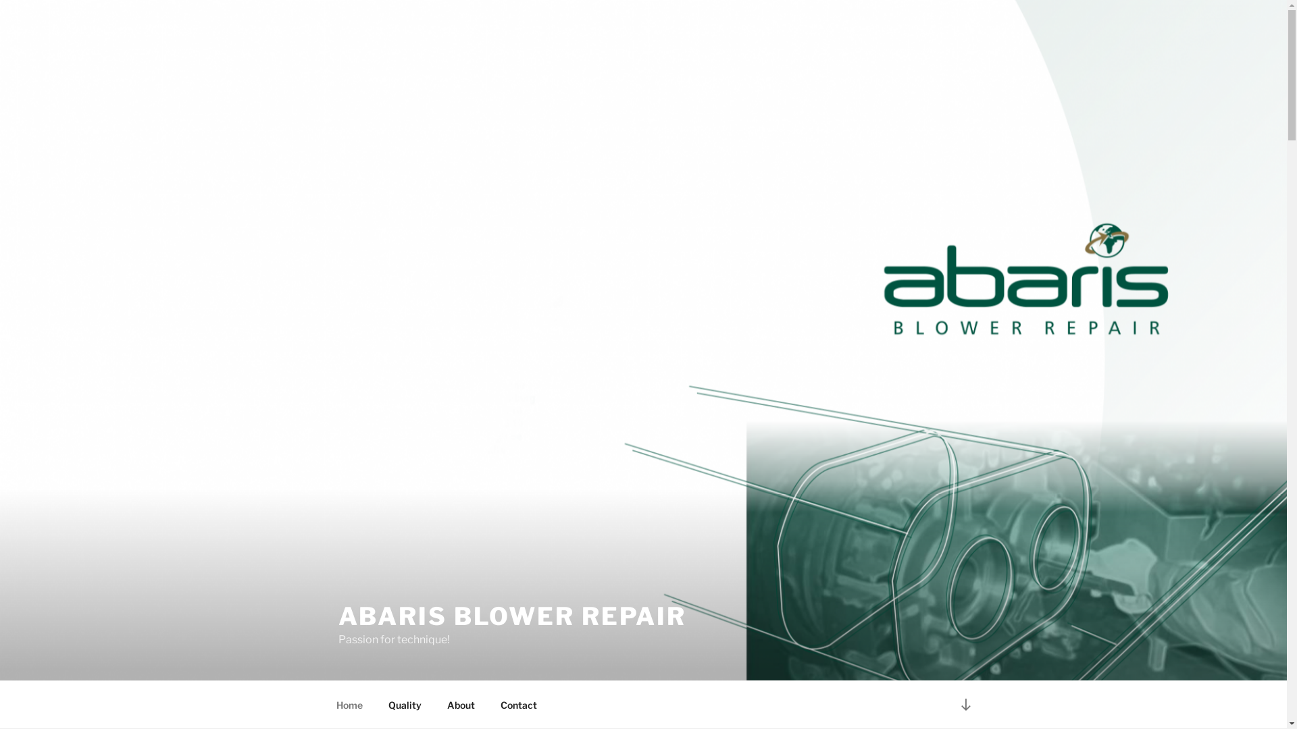  What do you see at coordinates (965, 703) in the screenshot?
I see `'Scroll down to content'` at bounding box center [965, 703].